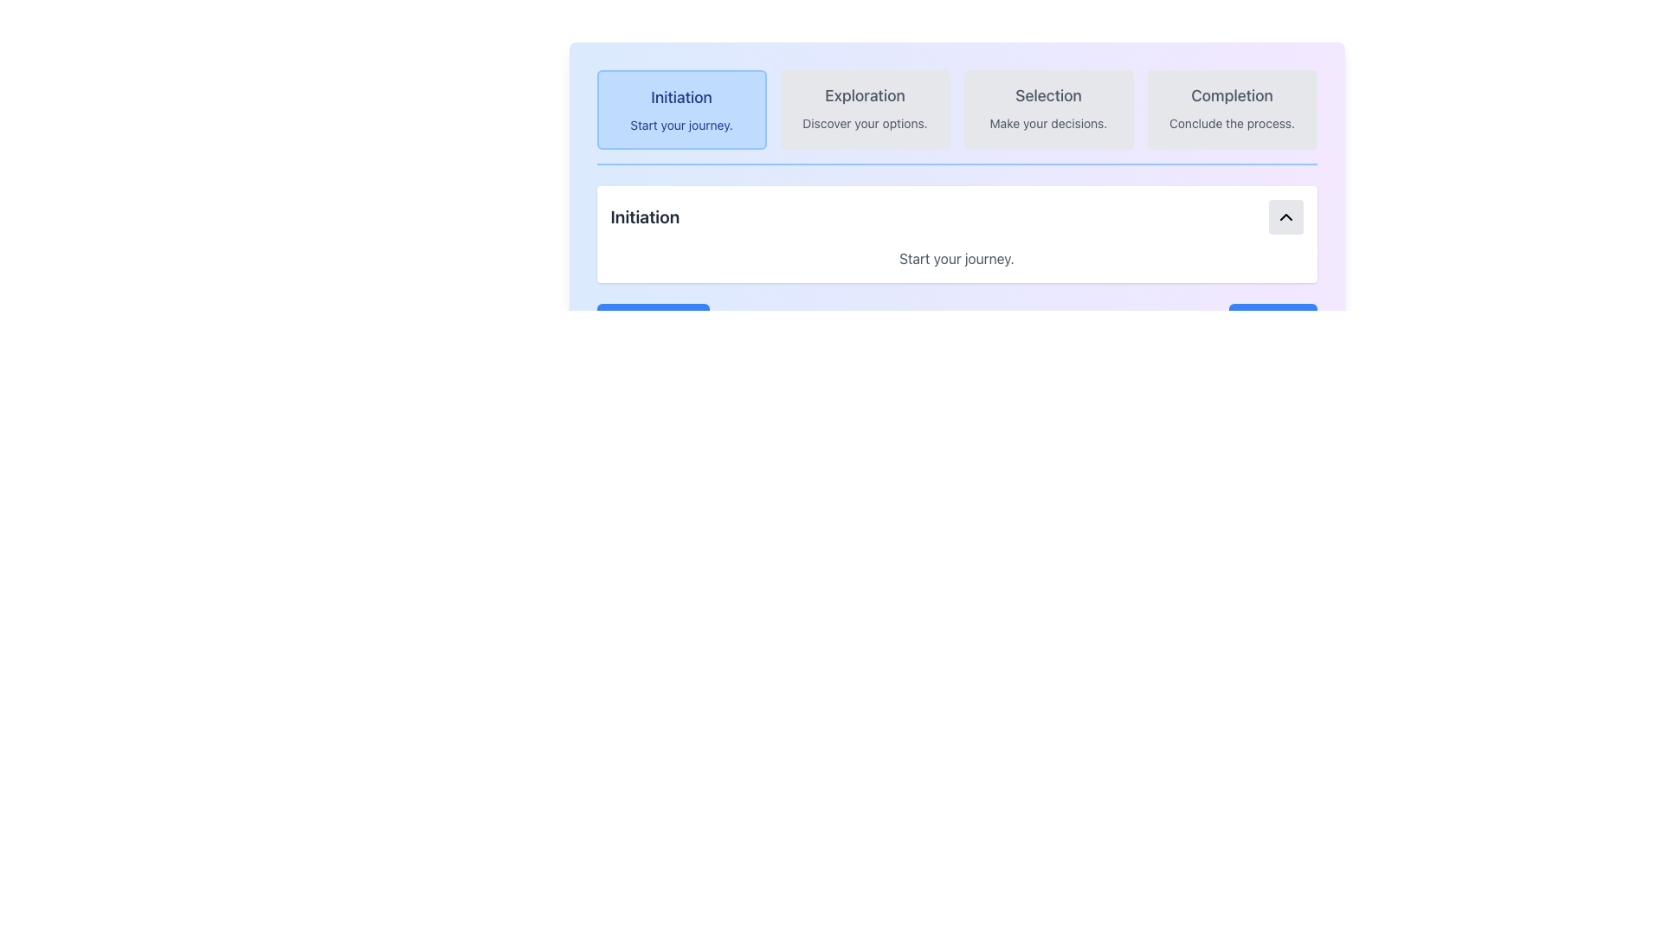 The image size is (1662, 935). I want to click on the 'Previous' navigation button located at the lower section of the interface, so click(621, 322).